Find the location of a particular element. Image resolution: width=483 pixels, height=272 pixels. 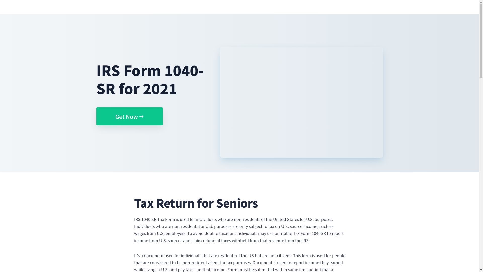

'Get Now' is located at coordinates (129, 116).